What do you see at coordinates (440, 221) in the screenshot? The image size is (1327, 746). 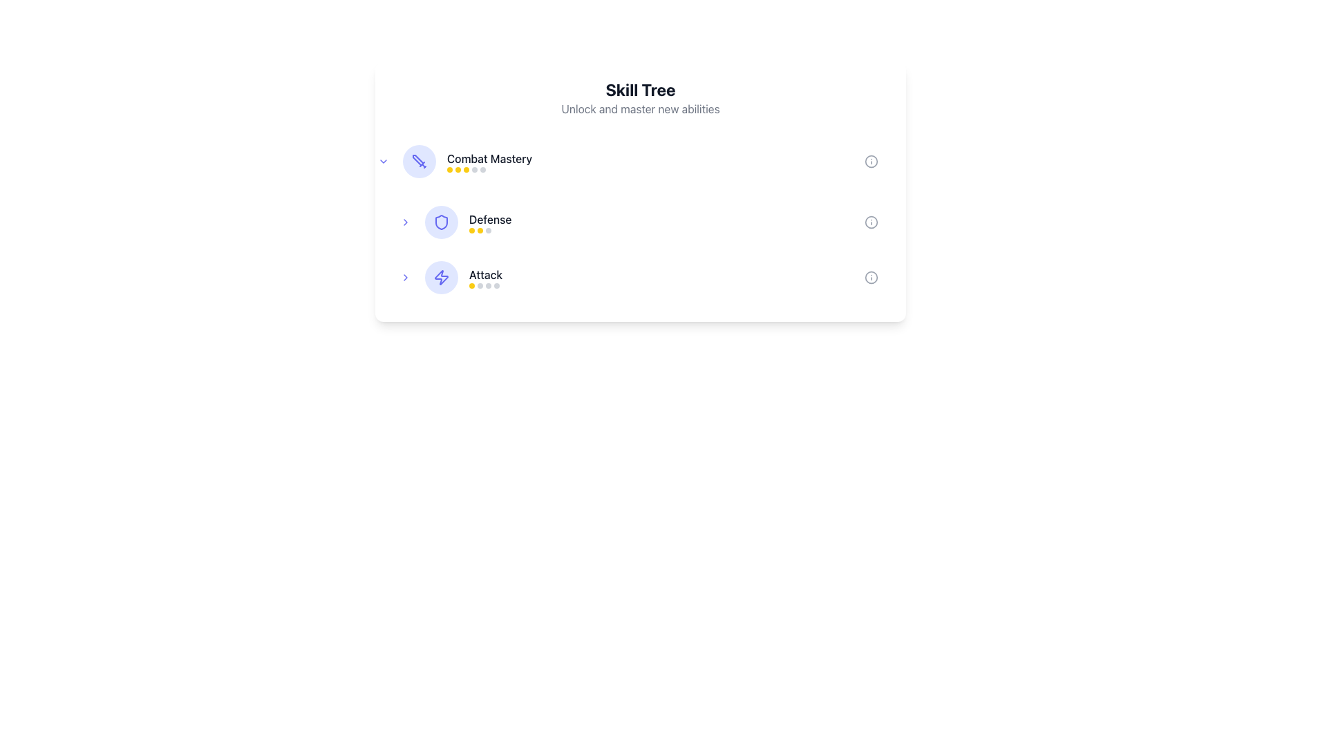 I see `the shield icon representing the 'Defense' skill, which is located adjacent to the textual label 'Defense' in the second row of skill options` at bounding box center [440, 221].